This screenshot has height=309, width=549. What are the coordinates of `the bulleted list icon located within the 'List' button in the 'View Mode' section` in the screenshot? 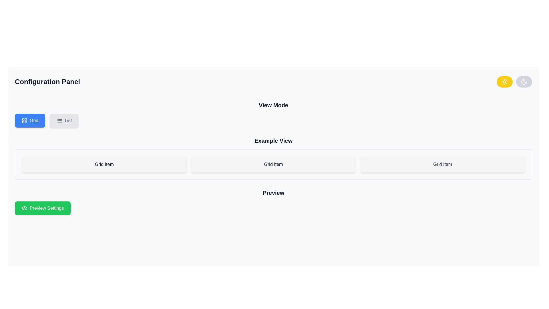 It's located at (59, 120).